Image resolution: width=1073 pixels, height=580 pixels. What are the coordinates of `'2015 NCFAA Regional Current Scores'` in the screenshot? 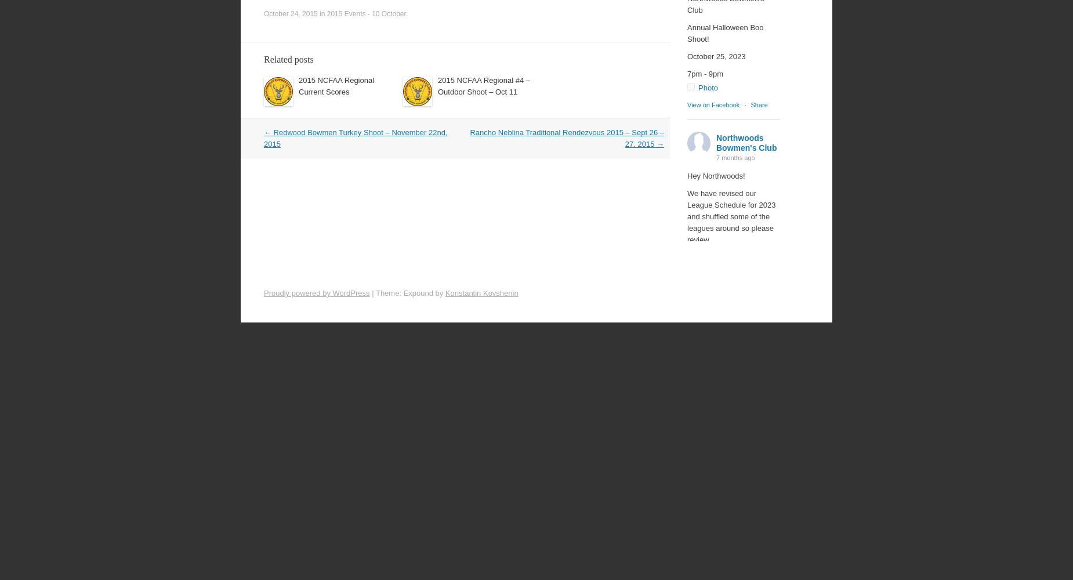 It's located at (336, 86).